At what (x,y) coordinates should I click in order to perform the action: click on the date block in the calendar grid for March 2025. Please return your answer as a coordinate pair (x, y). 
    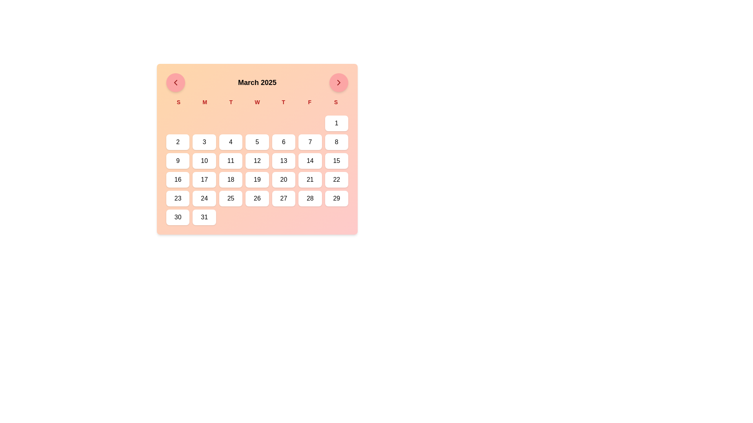
    Looking at the image, I should click on (257, 170).